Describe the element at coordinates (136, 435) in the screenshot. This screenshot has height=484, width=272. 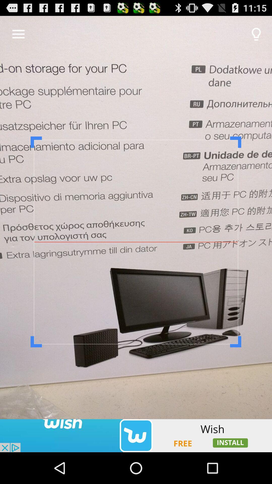
I see `advertising bar` at that location.